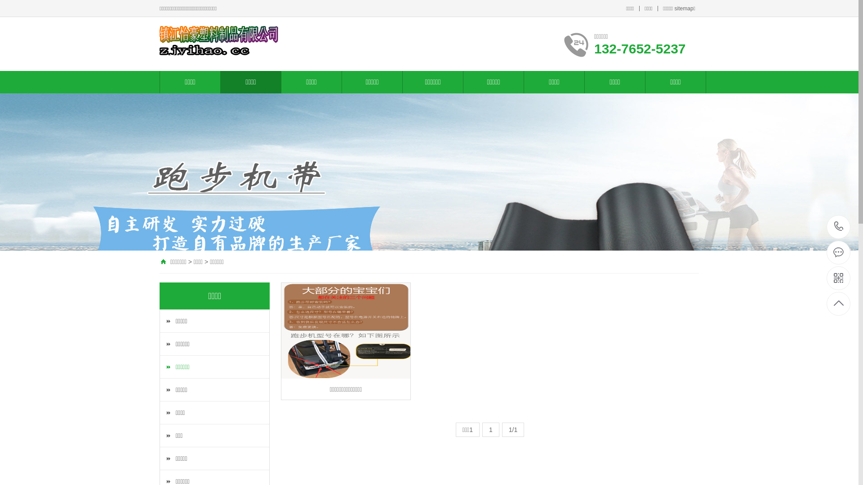 The height and width of the screenshot is (485, 863). What do you see at coordinates (683, 9) in the screenshot?
I see `'sitemap'` at bounding box center [683, 9].